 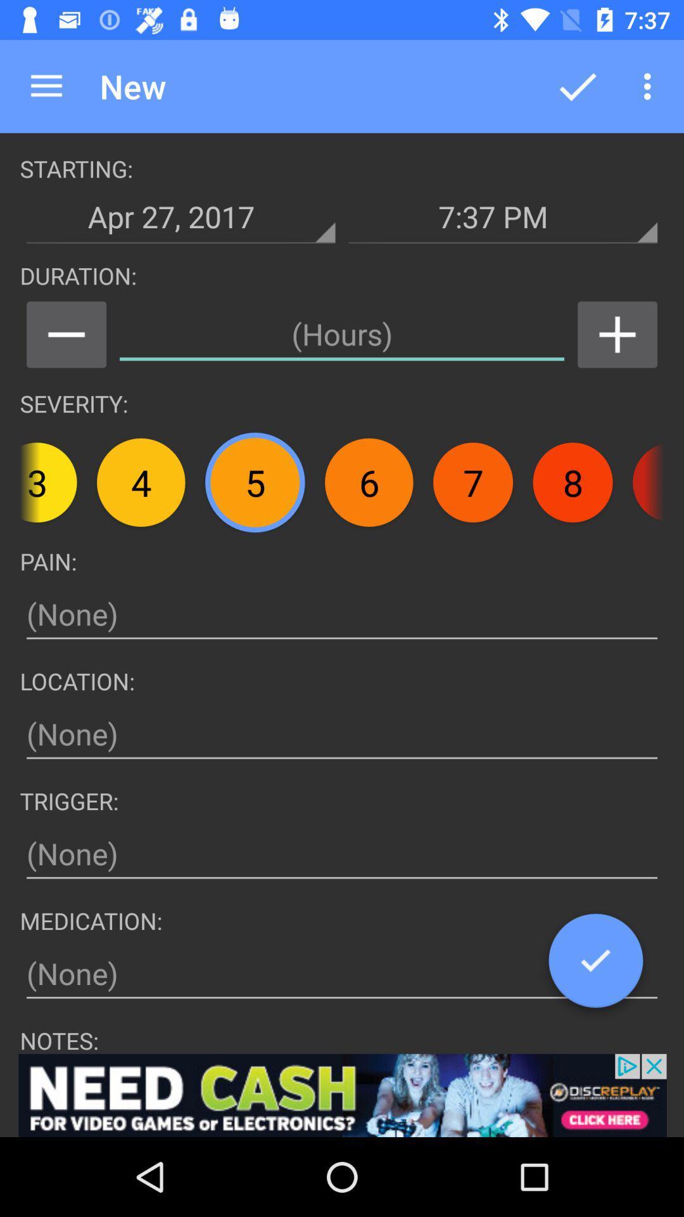 I want to click on increment option, so click(x=617, y=335).